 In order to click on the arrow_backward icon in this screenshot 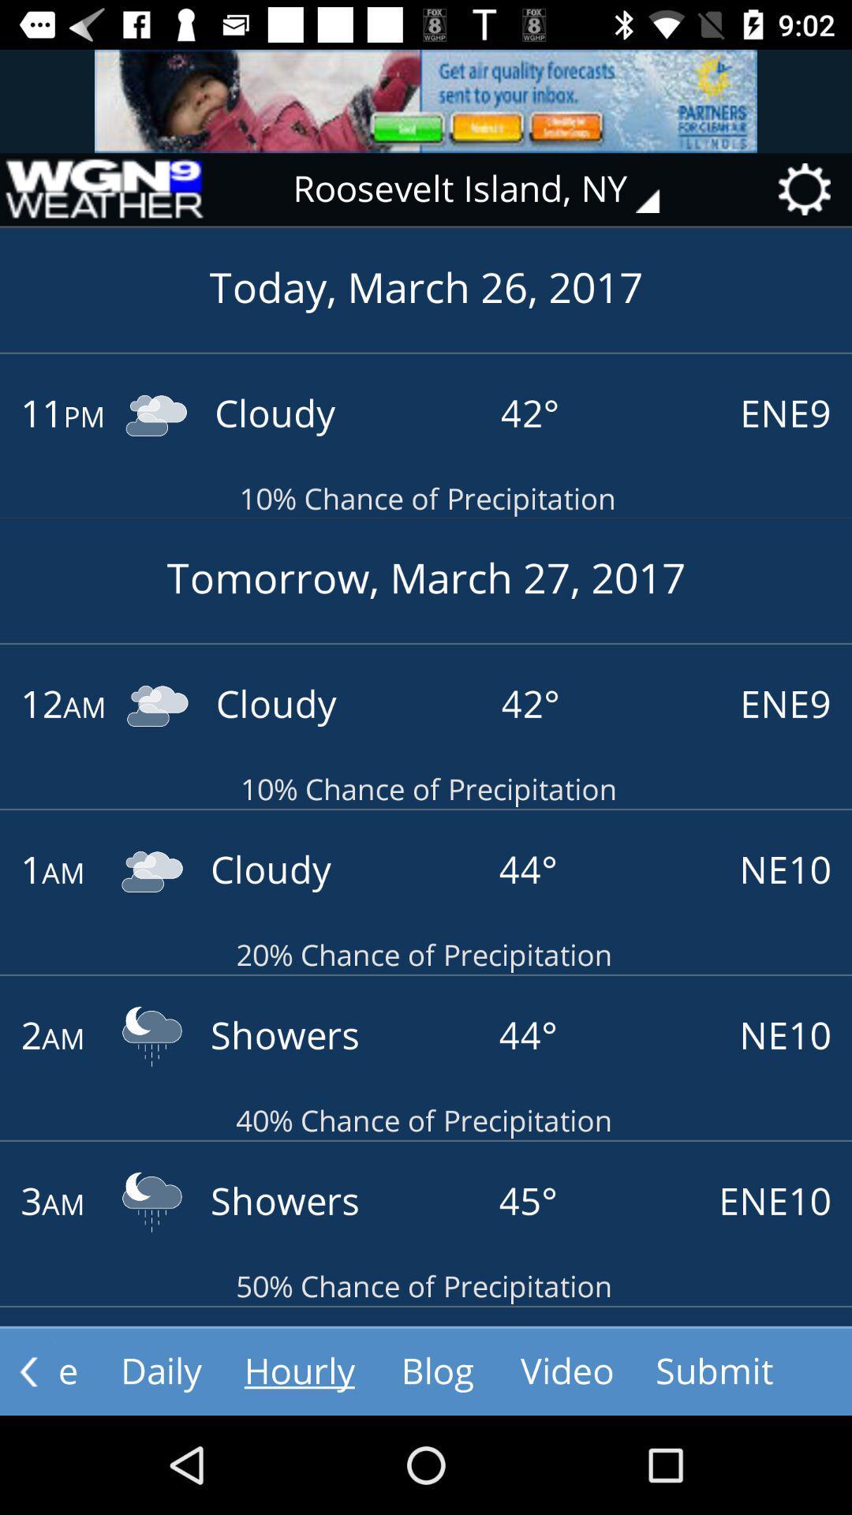, I will do `click(28, 1371)`.